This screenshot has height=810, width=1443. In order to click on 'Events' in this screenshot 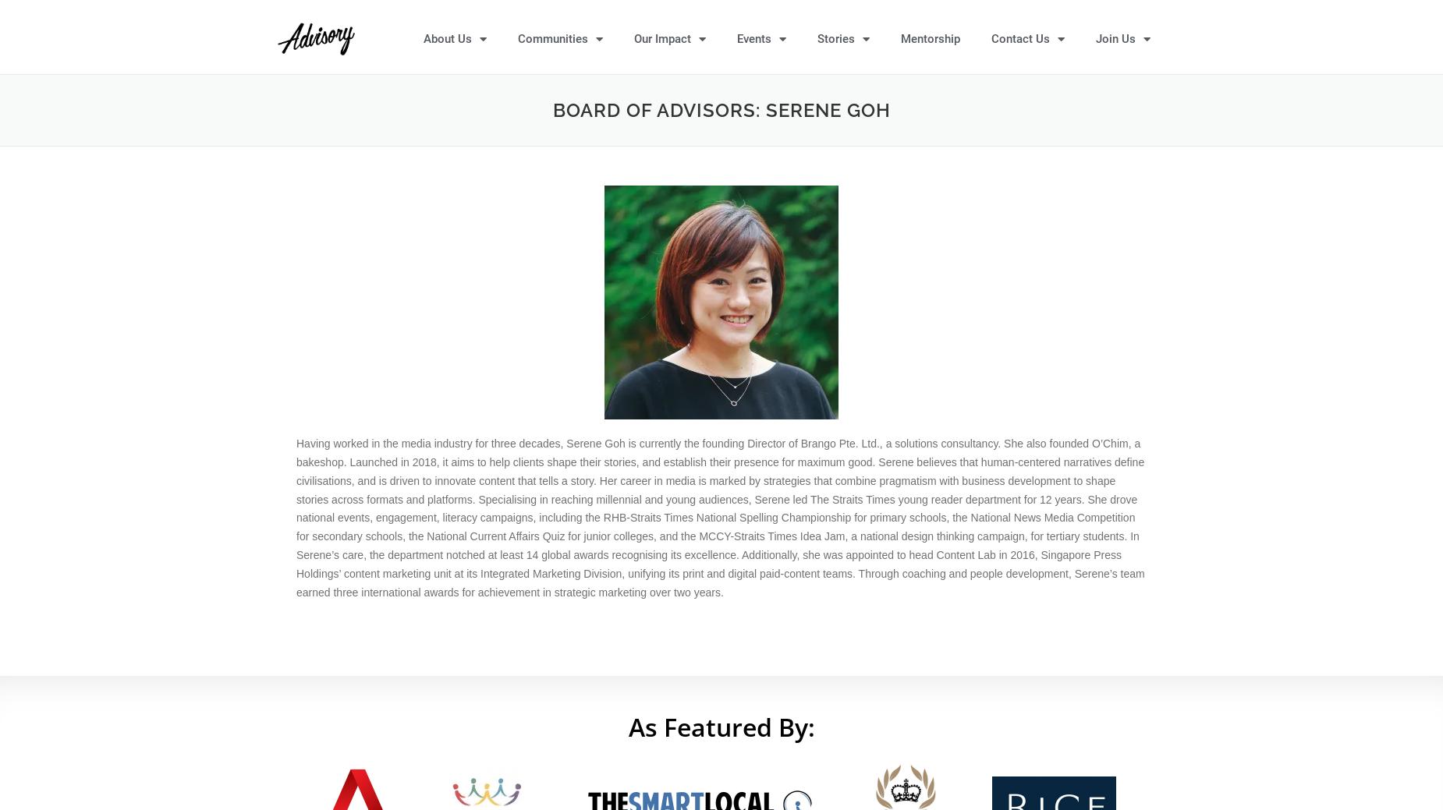, I will do `click(753, 37)`.